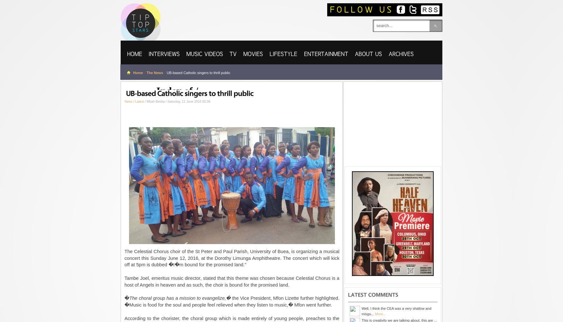 The height and width of the screenshot is (322, 563). I want to click on 'Saturday, 11 June 2016 00:36', so click(189, 101).